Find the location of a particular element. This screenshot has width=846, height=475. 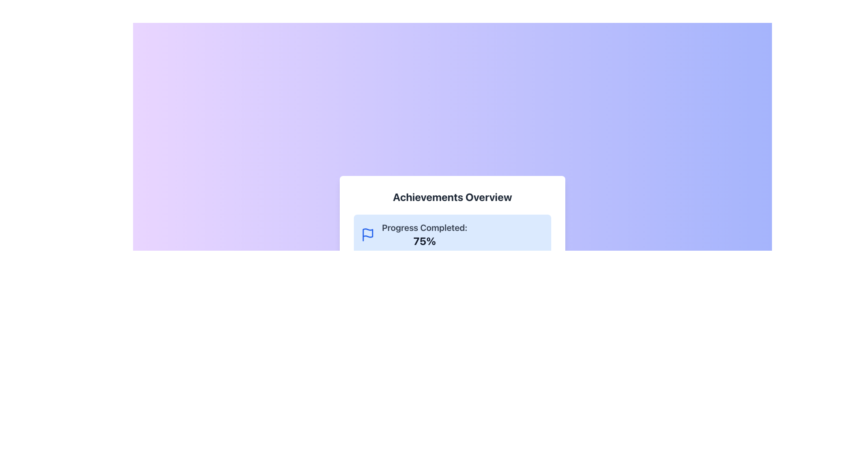

the '75%' progress text element, which is located directly below 'Progress Completed:' and is visually aligned within a light blue rectangular area is located at coordinates (424, 241).